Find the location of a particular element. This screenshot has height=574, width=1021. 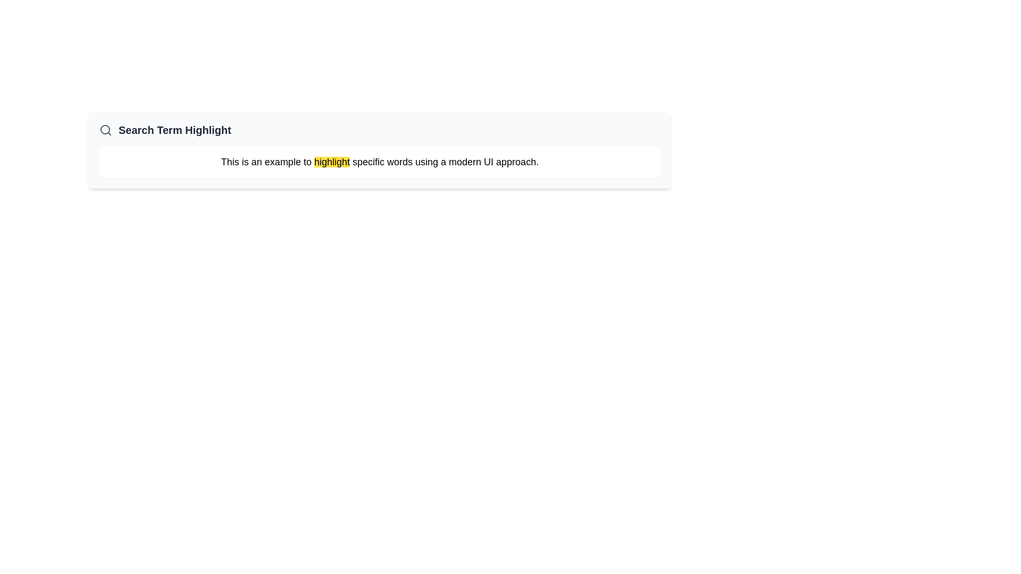

the search icon, which is a magnifying glass located to the left of the 'Search Term Highlight' text, to initiate a search is located at coordinates (105, 130).